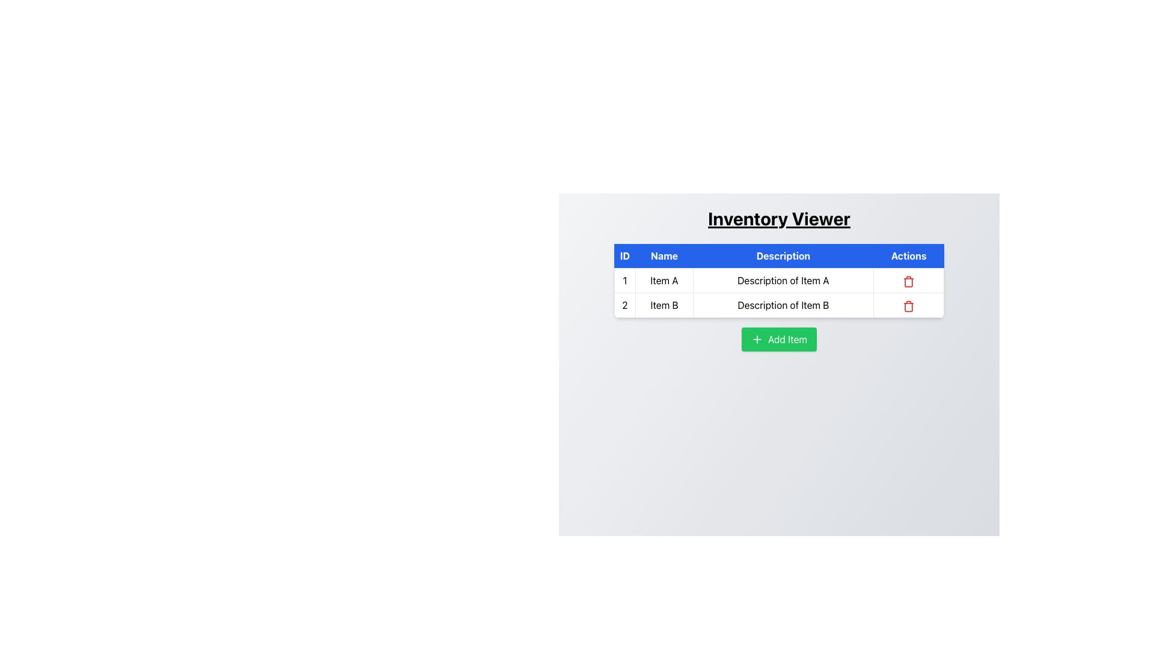 This screenshot has height=649, width=1154. I want to click on the trash can icon button in the 'Actions' column for 'Item B', so click(909, 305).